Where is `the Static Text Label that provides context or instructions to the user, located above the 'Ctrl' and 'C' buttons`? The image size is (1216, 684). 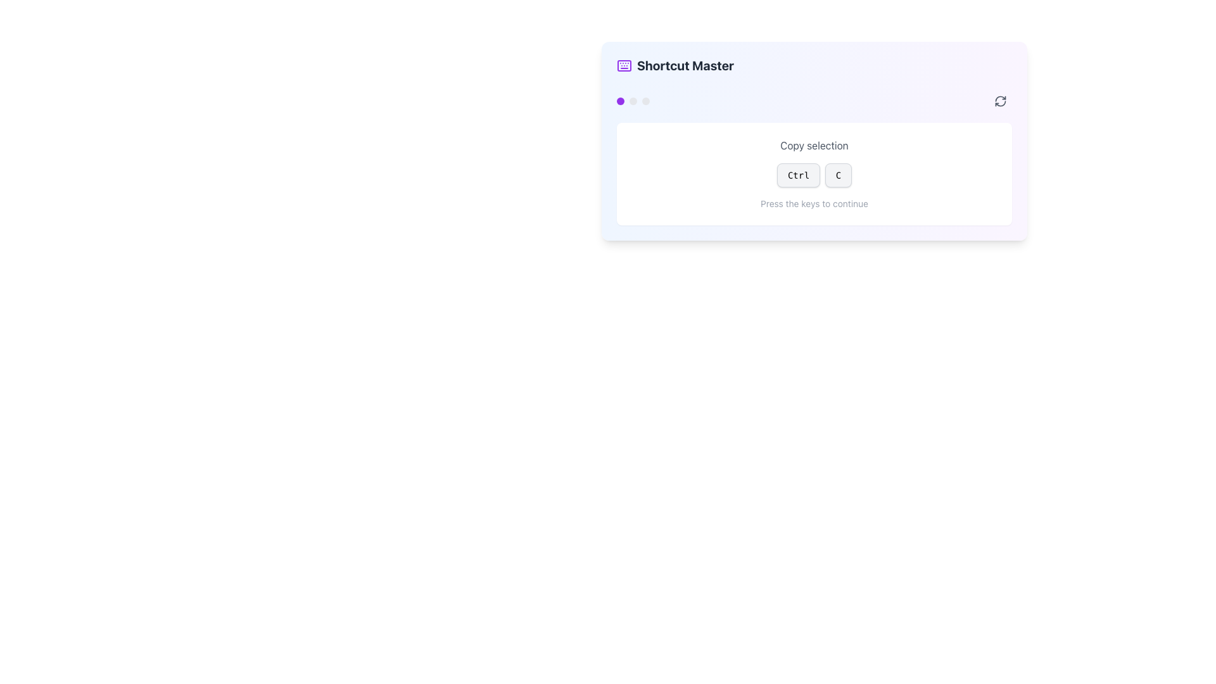
the Static Text Label that provides context or instructions to the user, located above the 'Ctrl' and 'C' buttons is located at coordinates (814, 145).